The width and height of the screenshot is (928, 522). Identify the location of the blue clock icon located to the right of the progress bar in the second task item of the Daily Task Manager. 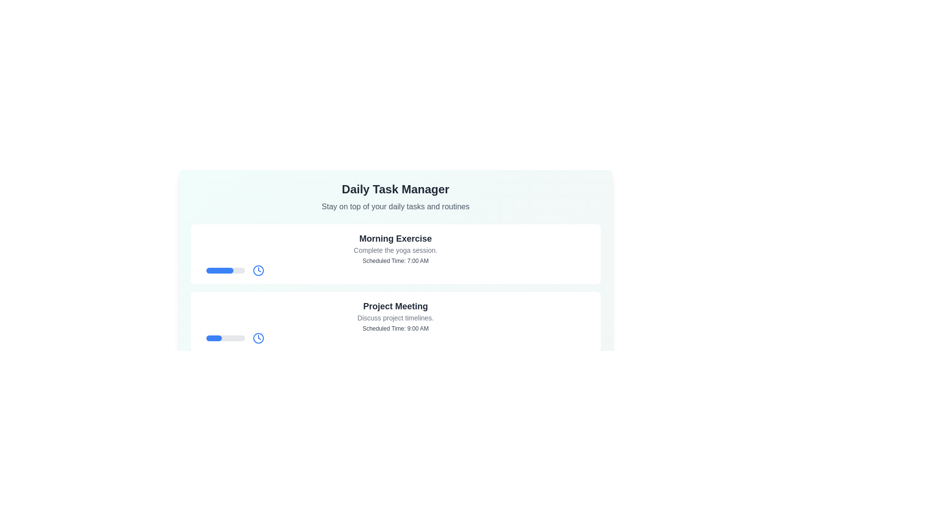
(258, 337).